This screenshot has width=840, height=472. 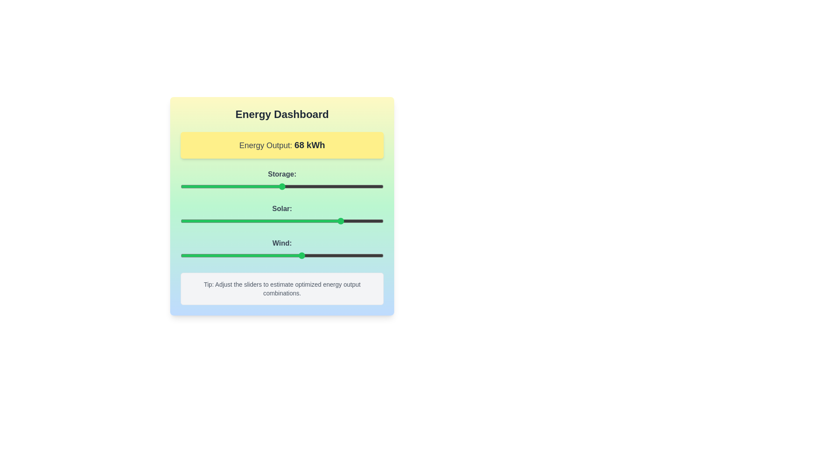 I want to click on the 'Storage' slider to 70, so click(x=322, y=186).